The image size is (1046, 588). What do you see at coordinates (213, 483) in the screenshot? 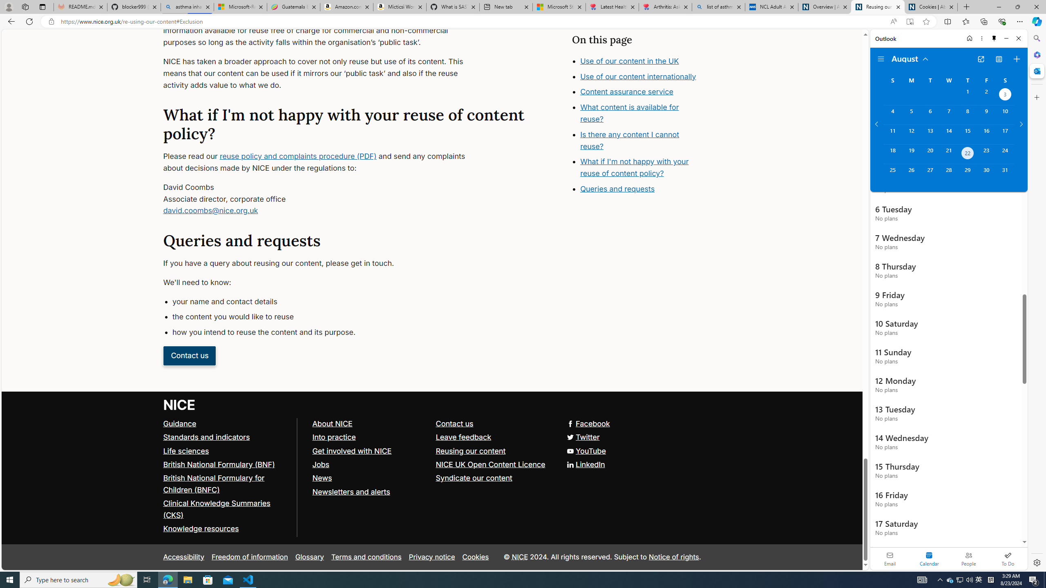
I see `'British National Formulary for Children (BNFC)'` at bounding box center [213, 483].